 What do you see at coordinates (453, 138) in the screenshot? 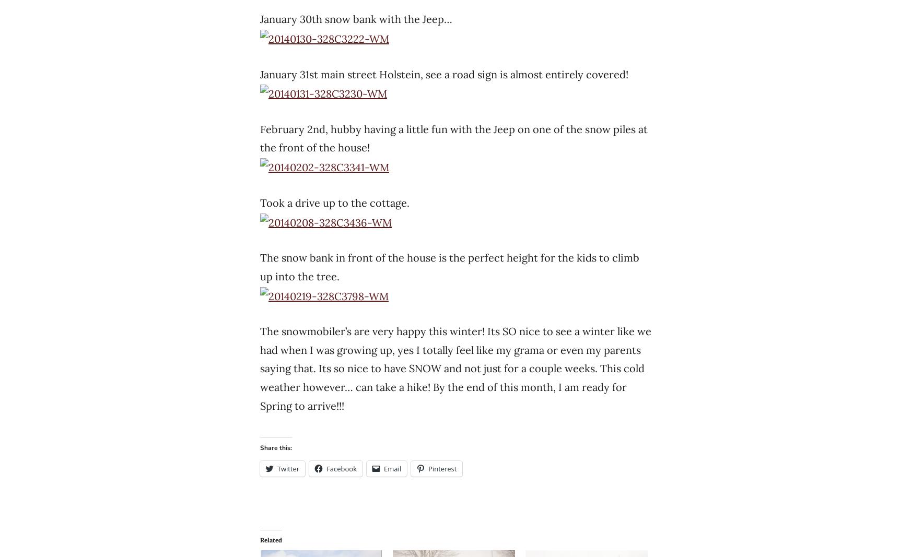
I see `'February 2nd, hubby having a little fun with the Jeep on one of the snow piles at the front of the house!'` at bounding box center [453, 138].